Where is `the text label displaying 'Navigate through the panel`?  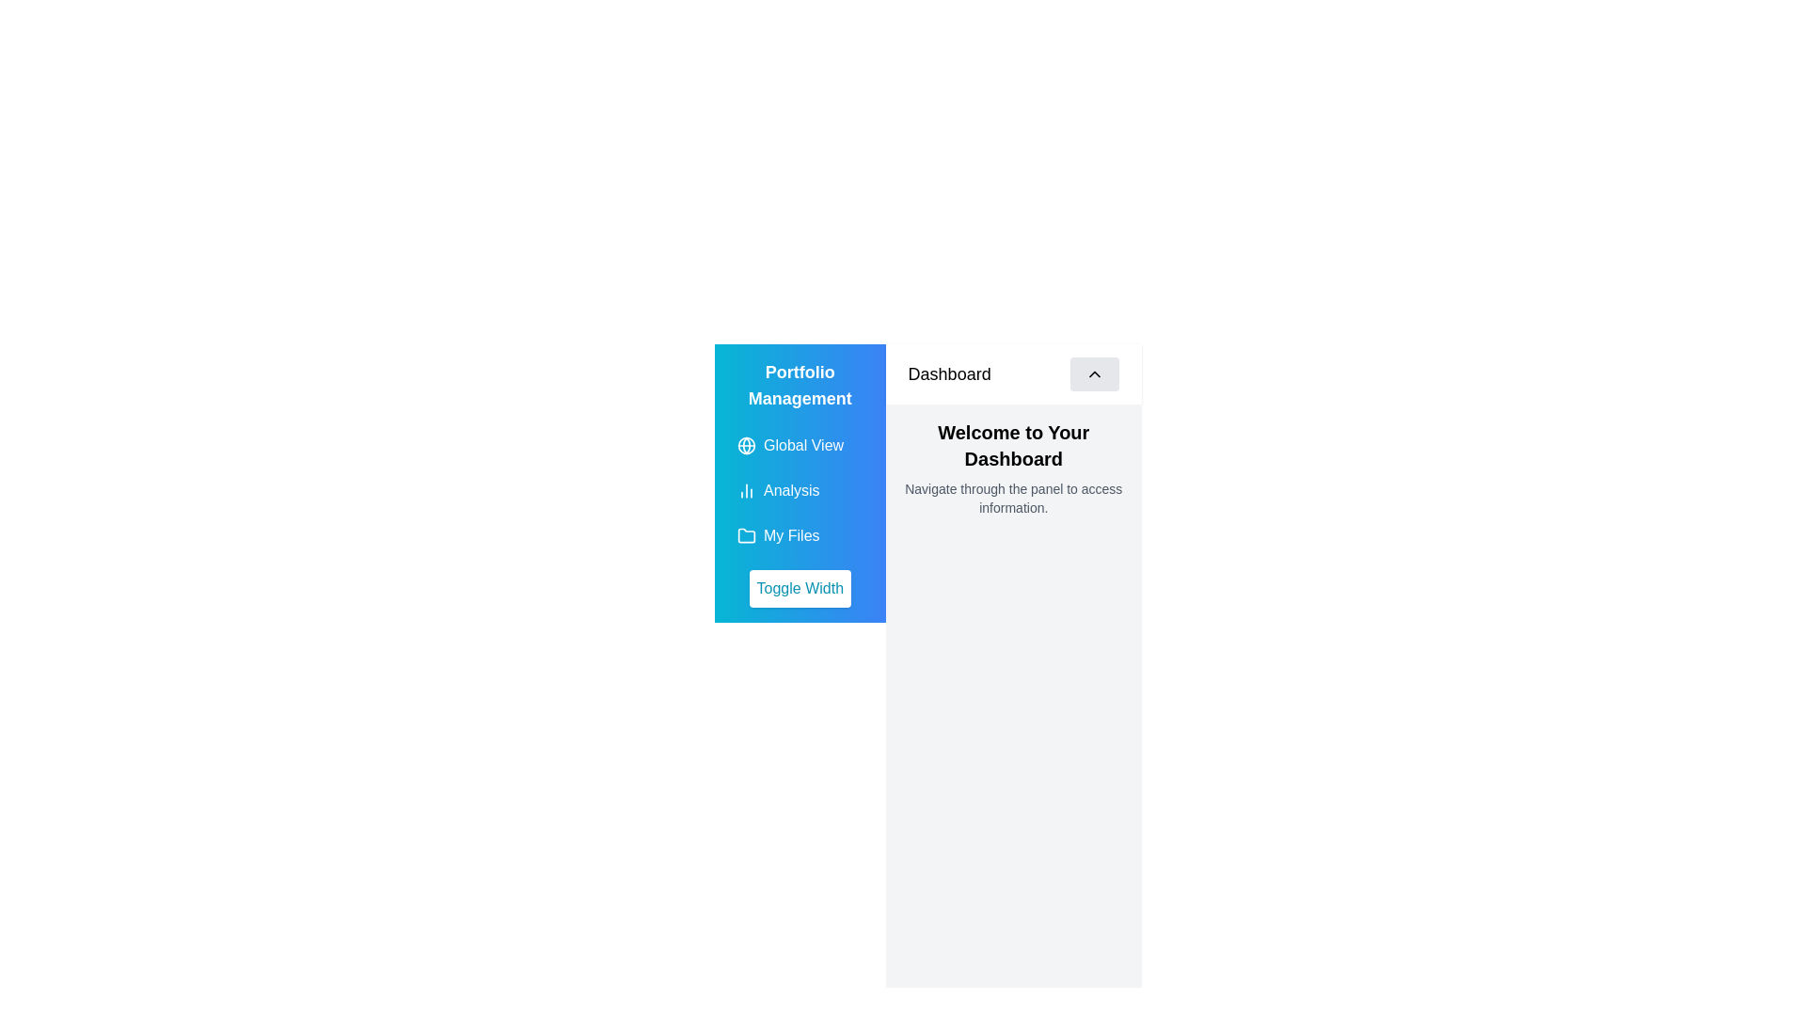
the text label displaying 'Navigate through the panel is located at coordinates (1012, 497).